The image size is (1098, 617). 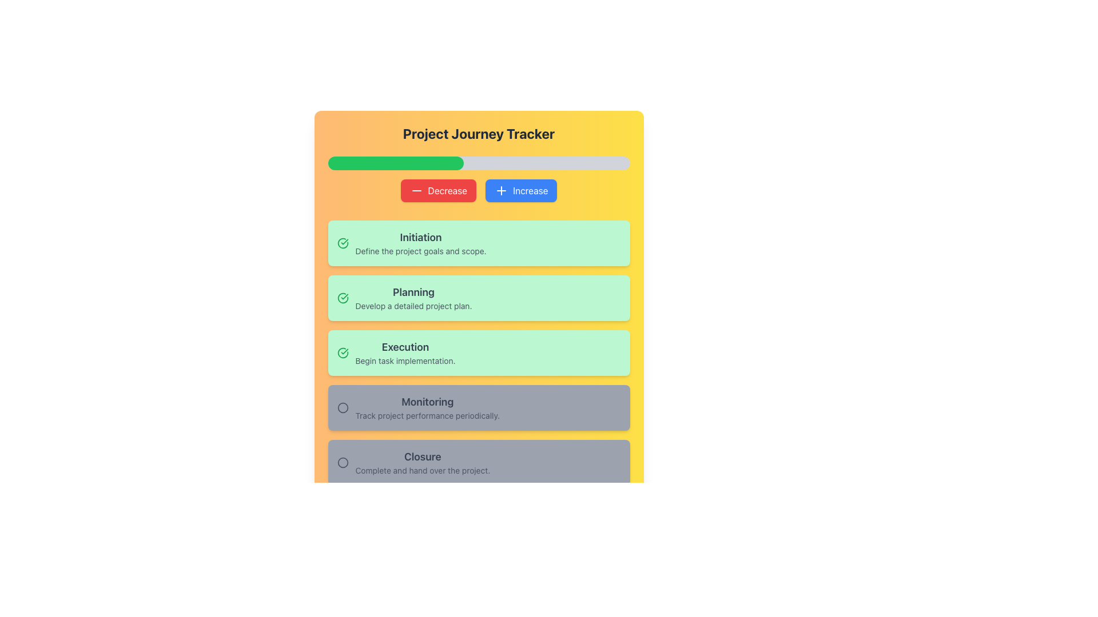 I want to click on the completion icon located at the left end of the first green rectangle next to the text 'Initiation', so click(x=342, y=242).